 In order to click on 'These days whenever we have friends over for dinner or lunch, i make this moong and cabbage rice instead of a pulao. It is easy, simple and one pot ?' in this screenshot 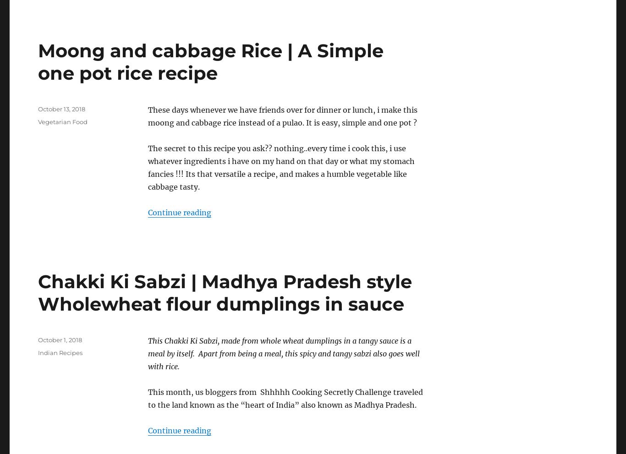, I will do `click(148, 116)`.